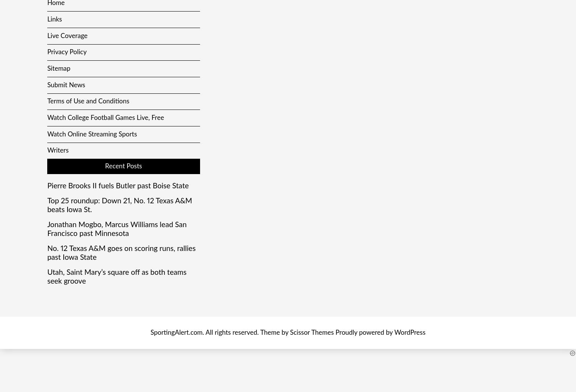 The width and height of the screenshot is (576, 392). I want to click on 'Scissor Themes', so click(311, 332).